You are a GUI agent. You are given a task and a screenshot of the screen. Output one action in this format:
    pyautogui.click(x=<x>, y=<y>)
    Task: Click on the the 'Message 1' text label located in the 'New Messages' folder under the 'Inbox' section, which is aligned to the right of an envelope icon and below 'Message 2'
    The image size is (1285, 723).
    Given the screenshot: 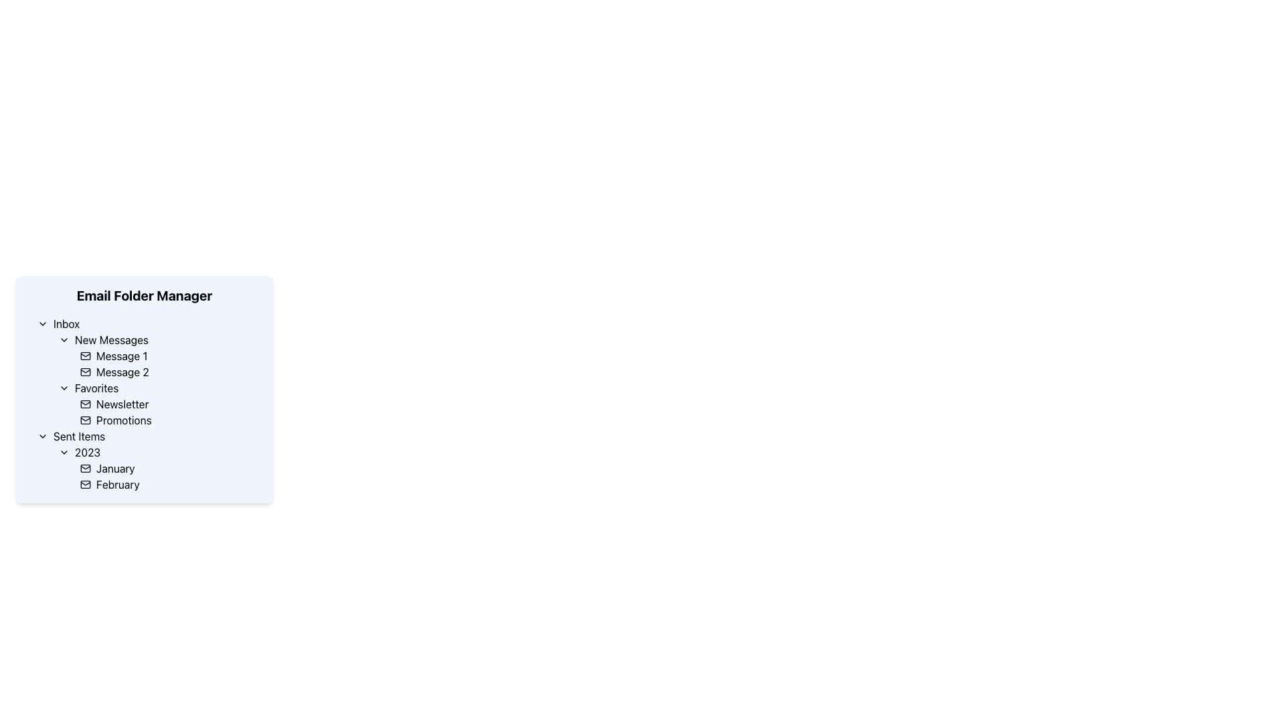 What is the action you would take?
    pyautogui.click(x=122, y=355)
    